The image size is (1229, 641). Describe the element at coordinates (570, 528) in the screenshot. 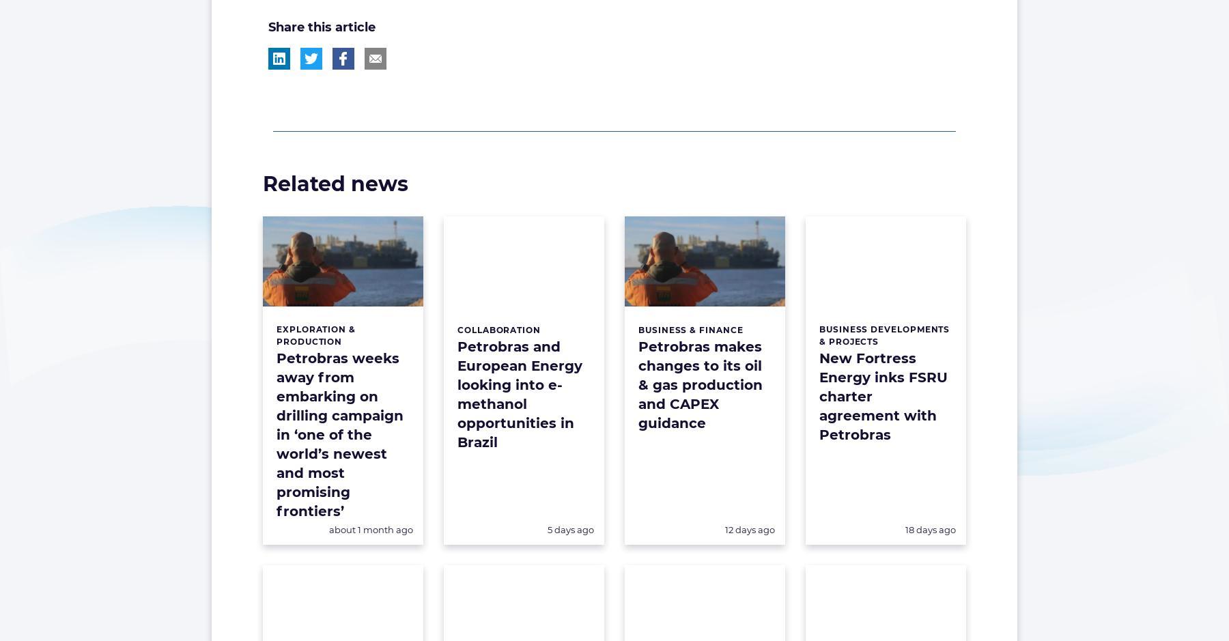

I see `'5 days ago'` at that location.